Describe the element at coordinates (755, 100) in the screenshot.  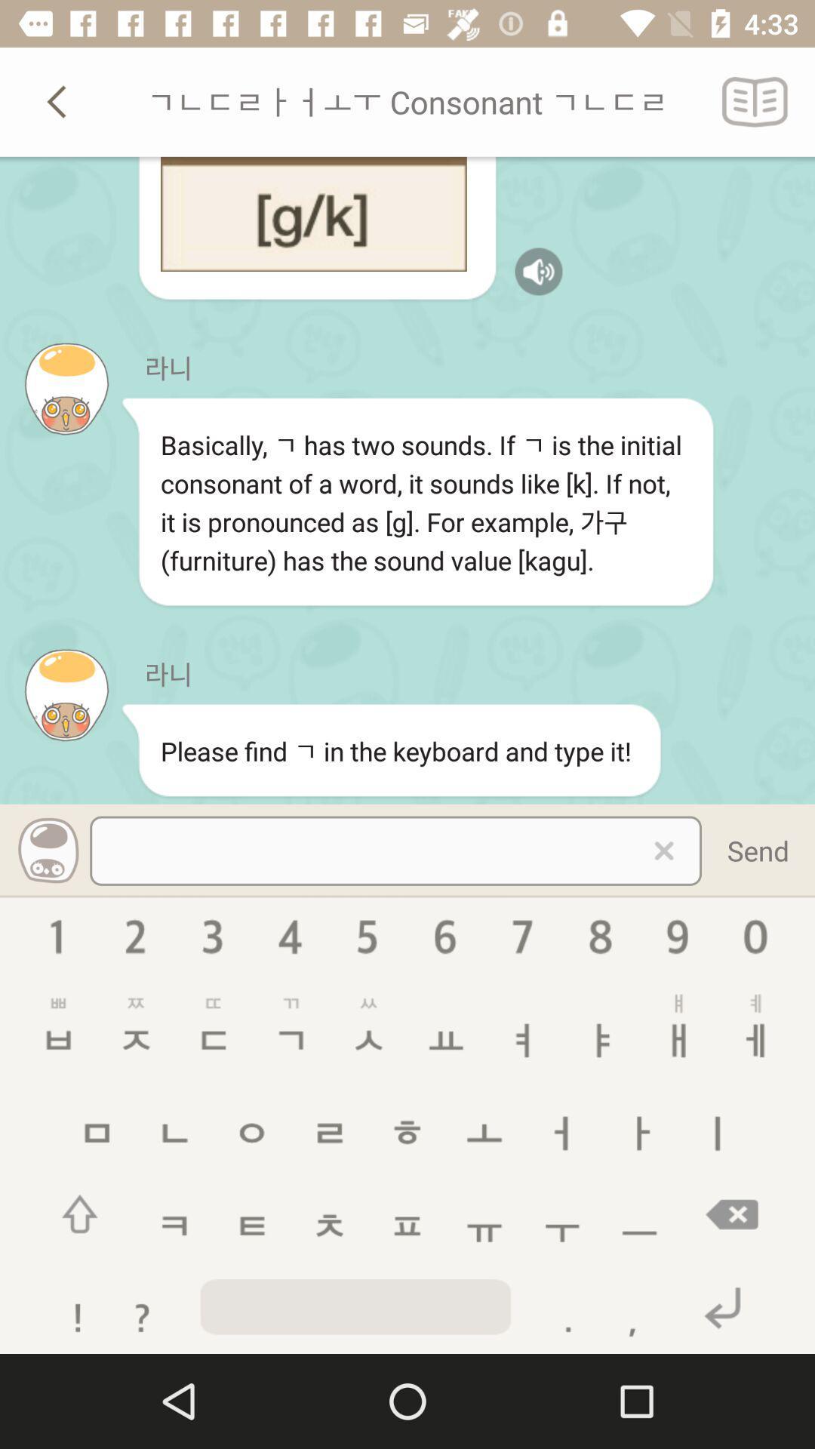
I see `the book icon` at that location.